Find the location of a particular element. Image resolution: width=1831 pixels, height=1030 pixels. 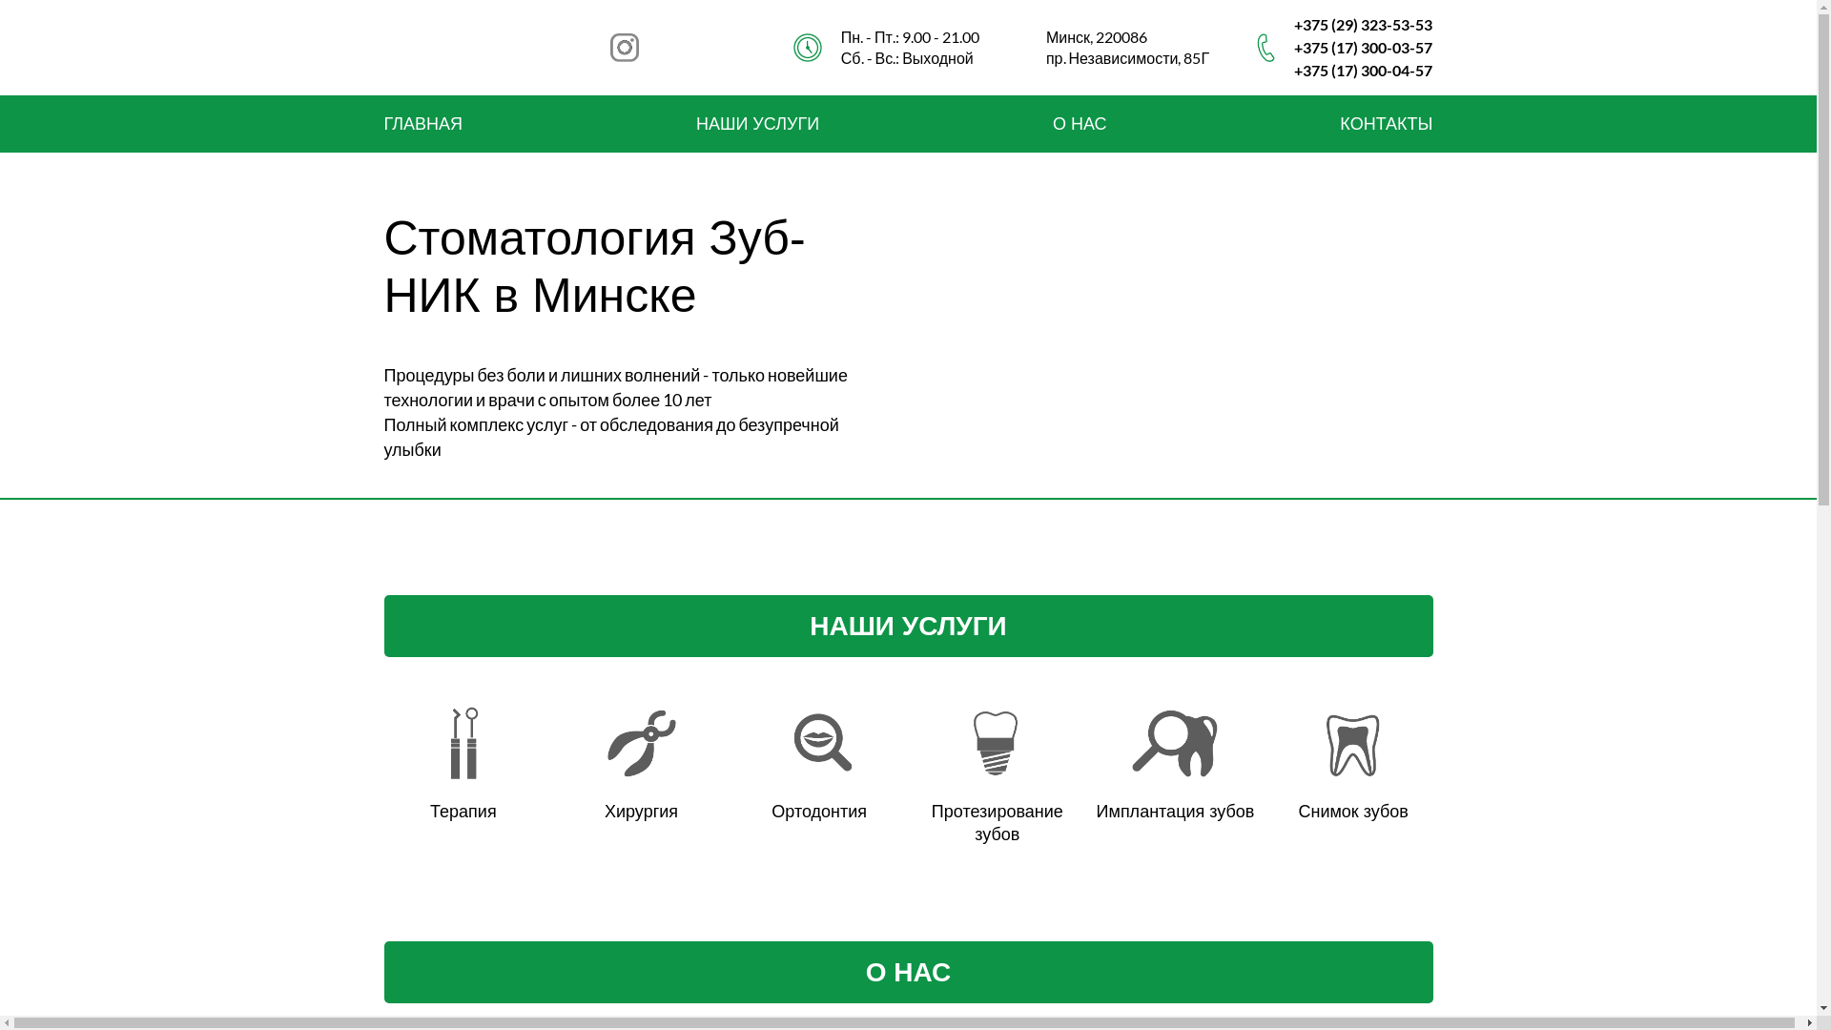

'+375 (17) 300-04-57' is located at coordinates (1362, 69).